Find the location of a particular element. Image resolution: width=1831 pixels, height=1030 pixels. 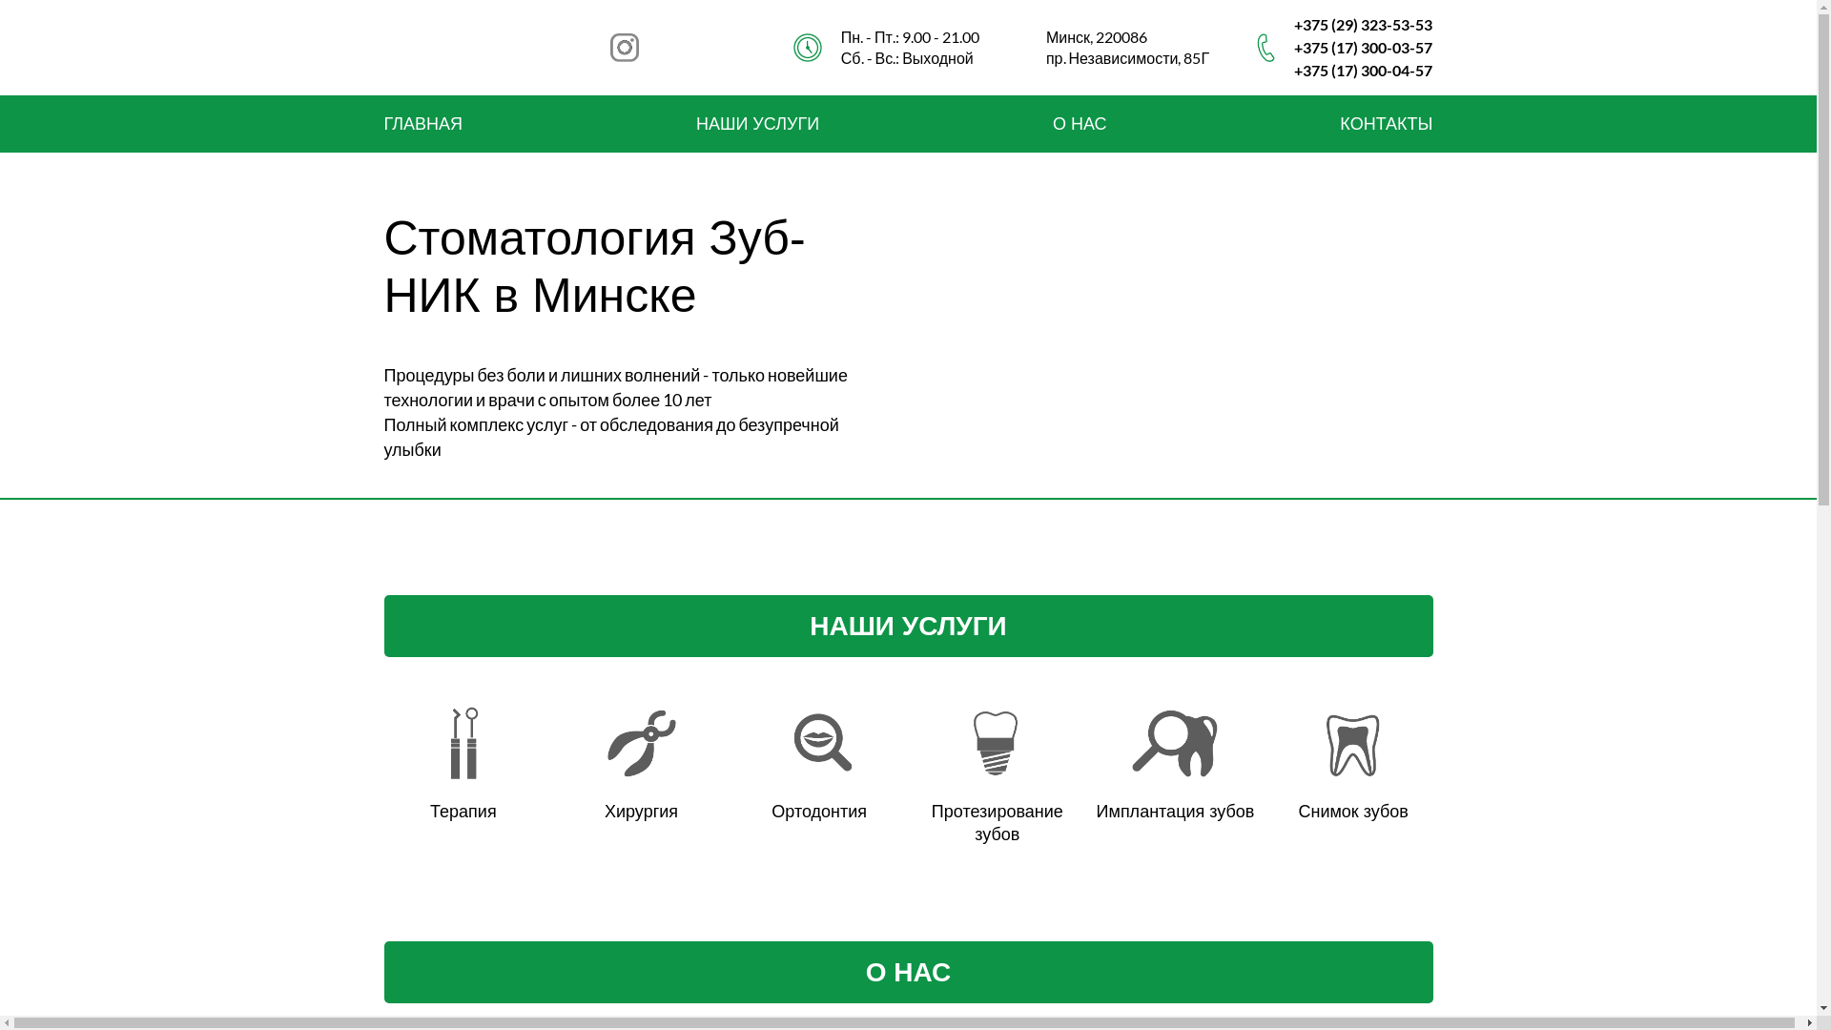

'+375 (17) 300-04-57' is located at coordinates (1362, 69).